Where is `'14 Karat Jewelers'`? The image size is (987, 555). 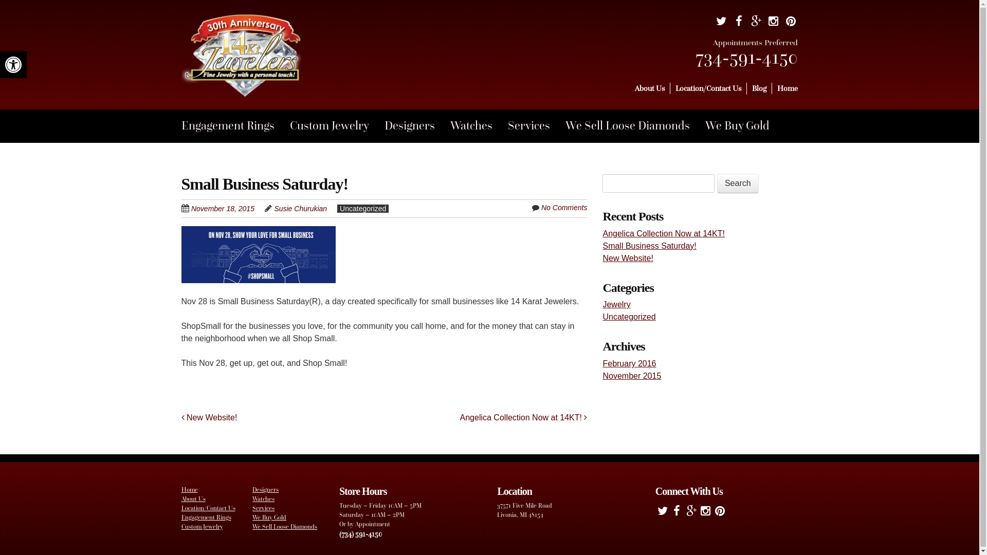 '14 Karat Jewelers' is located at coordinates (242, 78).